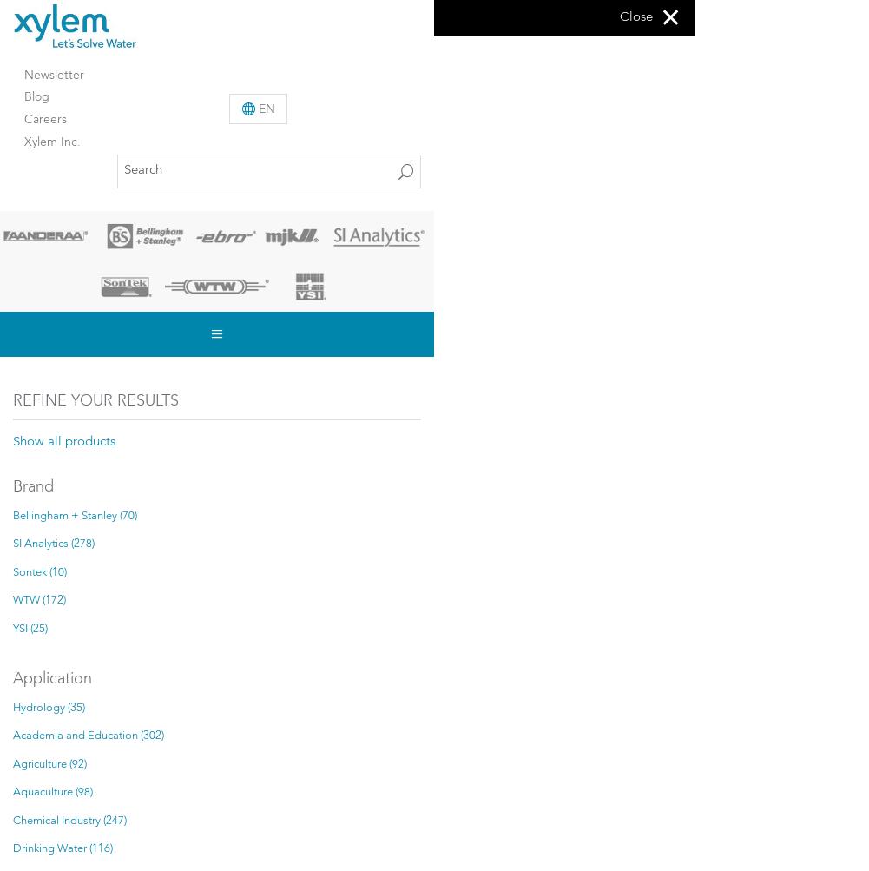 The image size is (869, 871). What do you see at coordinates (13, 544) in the screenshot?
I see `'SI Analytics (278)'` at bounding box center [13, 544].